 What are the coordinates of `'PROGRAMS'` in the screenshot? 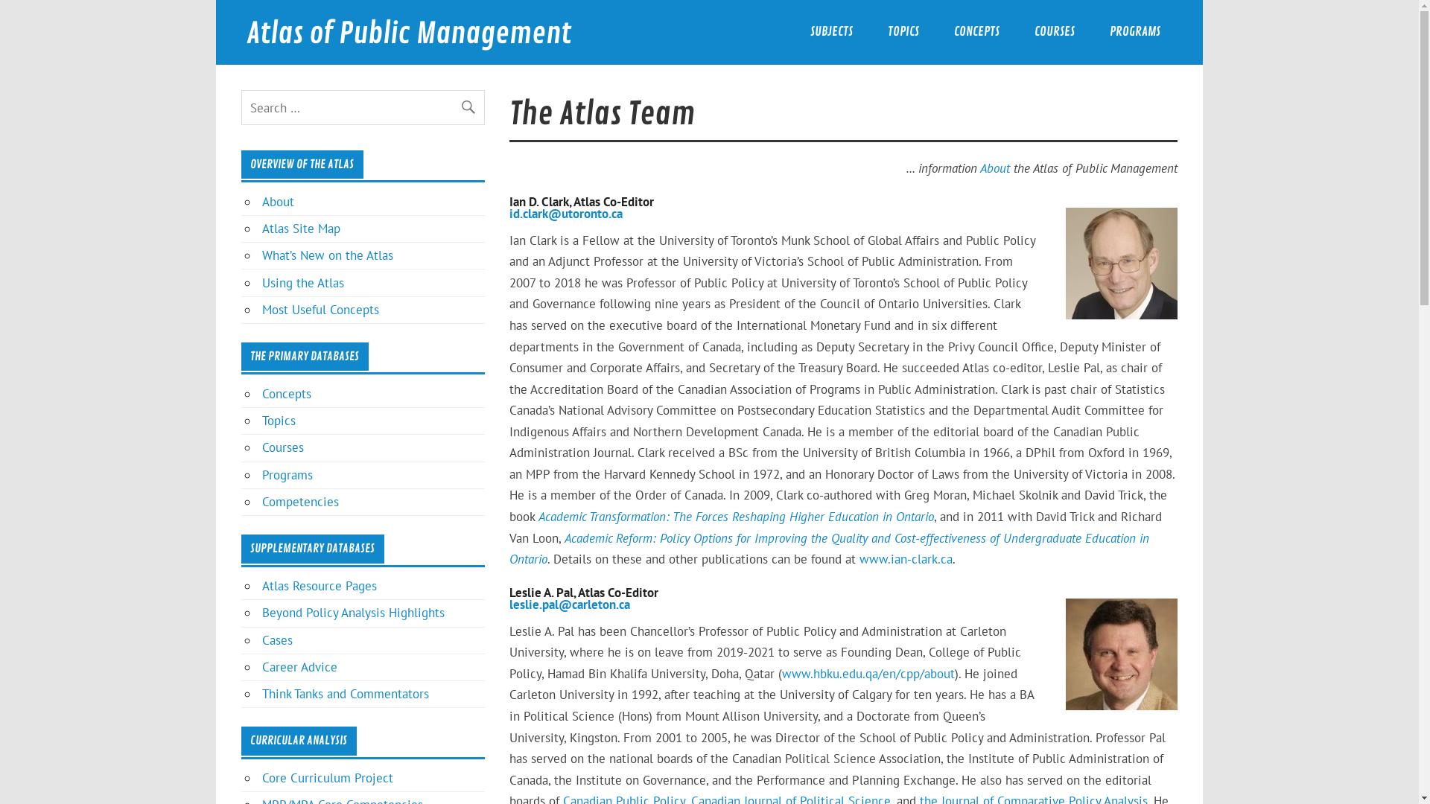 It's located at (1134, 32).